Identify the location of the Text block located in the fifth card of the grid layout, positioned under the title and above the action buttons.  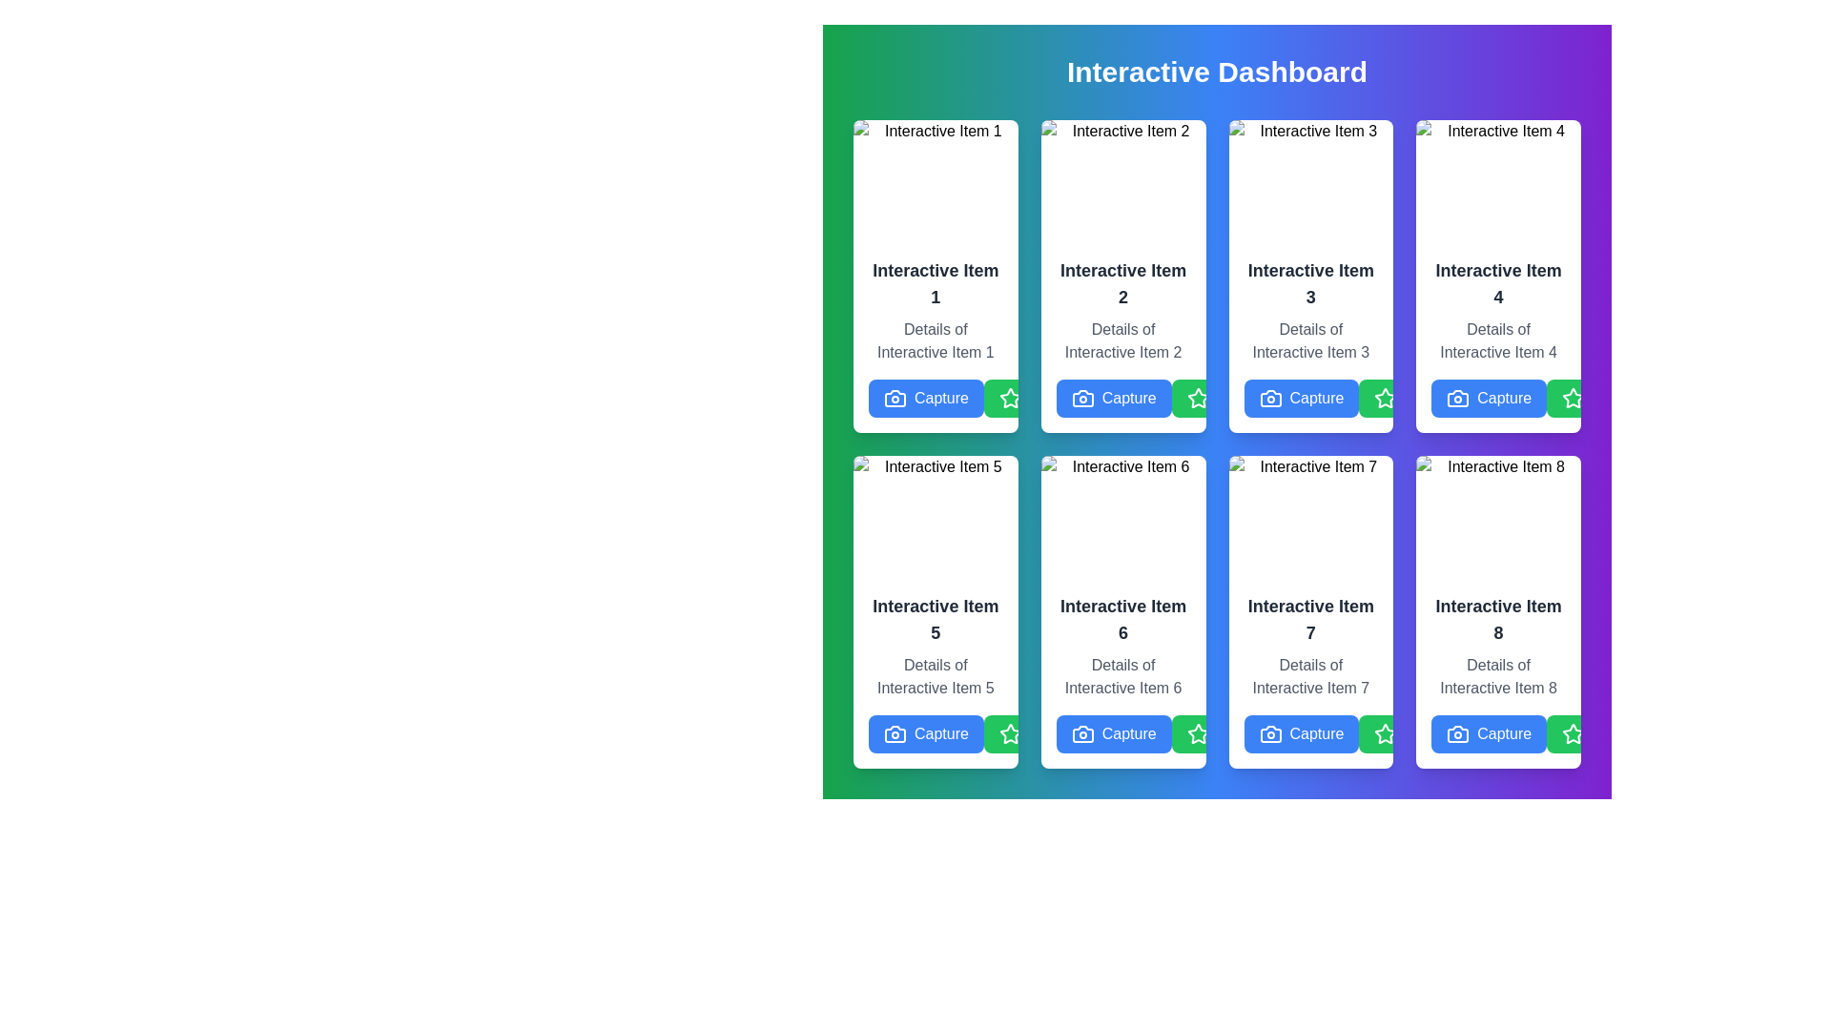
(936, 675).